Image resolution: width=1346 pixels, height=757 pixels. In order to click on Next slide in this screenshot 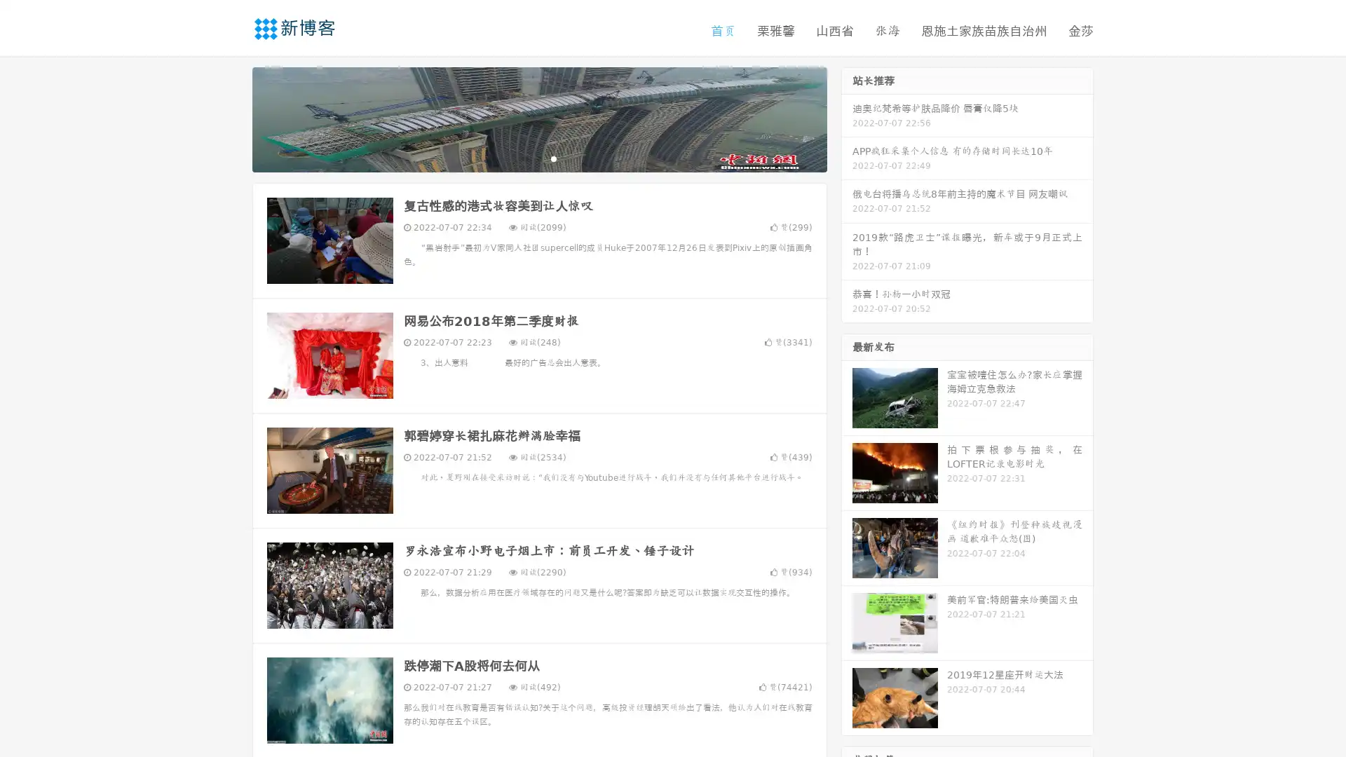, I will do `click(847, 118)`.